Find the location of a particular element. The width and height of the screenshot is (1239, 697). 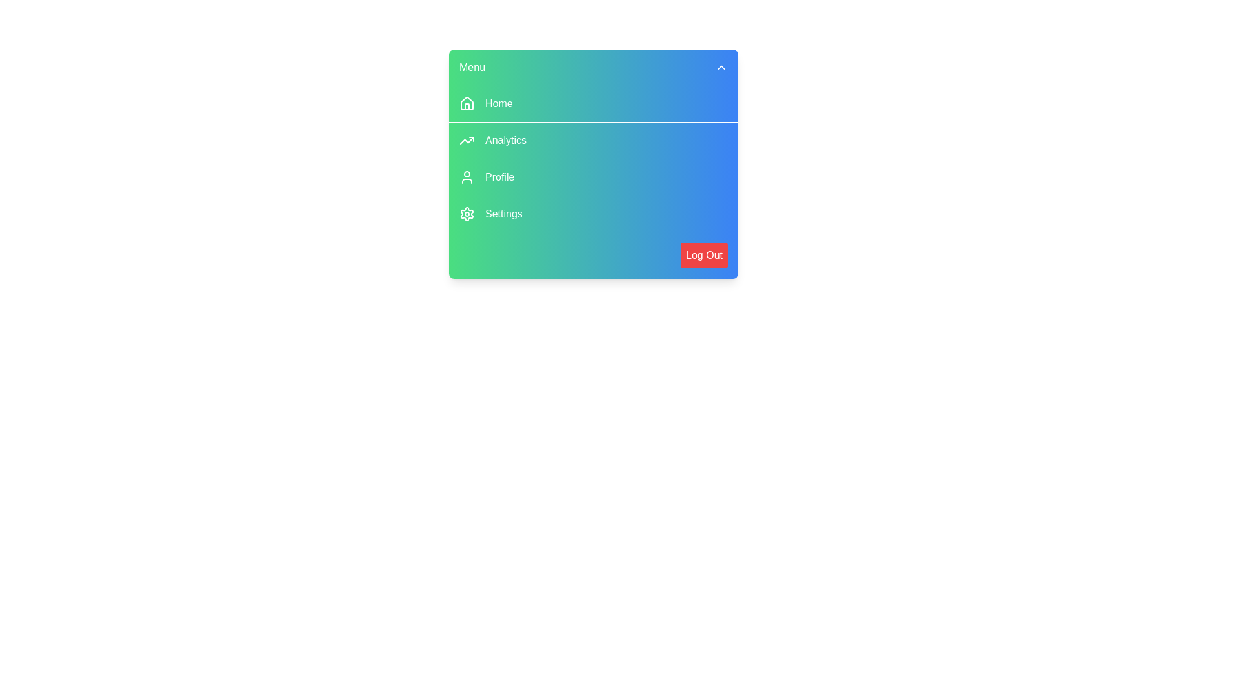

the menu item Settings to trigger its hover effect is located at coordinates (593, 213).